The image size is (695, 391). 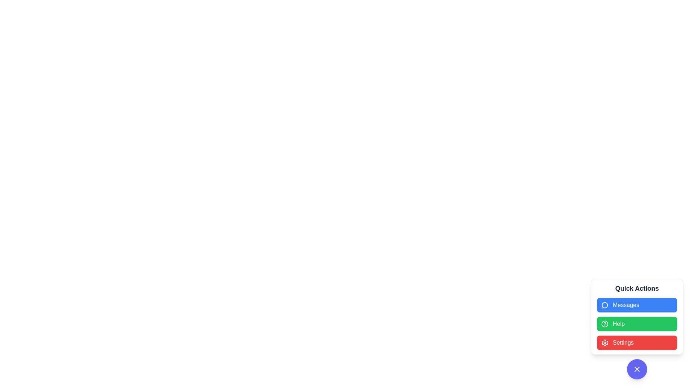 What do you see at coordinates (637, 316) in the screenshot?
I see `the 'Help' button located in the middle of the vertically aligned group of three buttons under the title 'Quick Actions'` at bounding box center [637, 316].